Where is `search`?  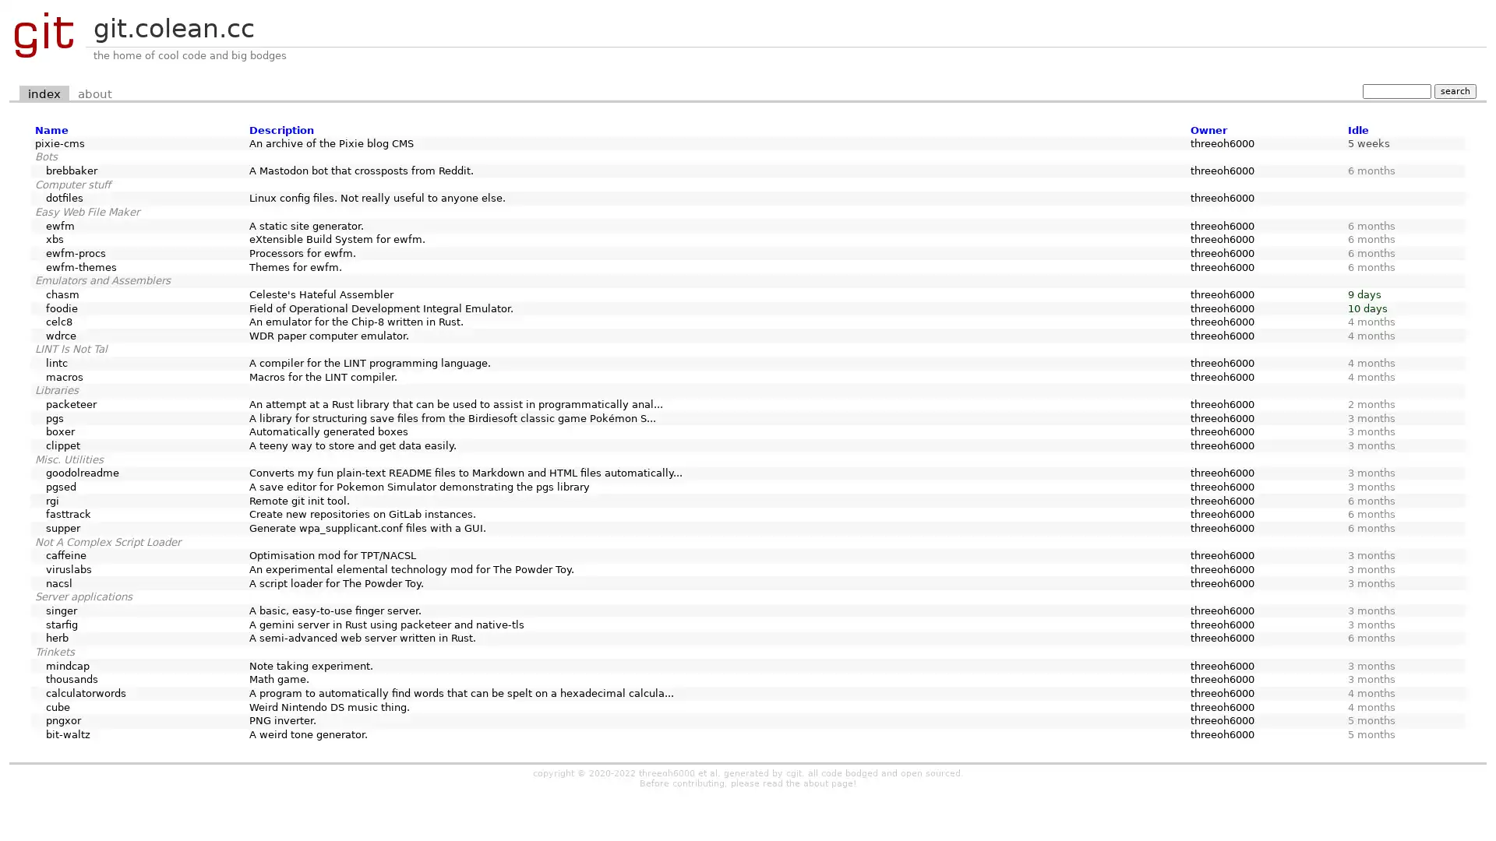 search is located at coordinates (1454, 90).